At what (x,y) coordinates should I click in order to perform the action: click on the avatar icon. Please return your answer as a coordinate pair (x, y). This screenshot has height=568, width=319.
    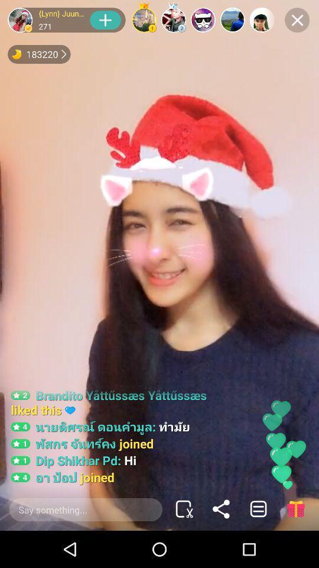
    Looking at the image, I should click on (19, 20).